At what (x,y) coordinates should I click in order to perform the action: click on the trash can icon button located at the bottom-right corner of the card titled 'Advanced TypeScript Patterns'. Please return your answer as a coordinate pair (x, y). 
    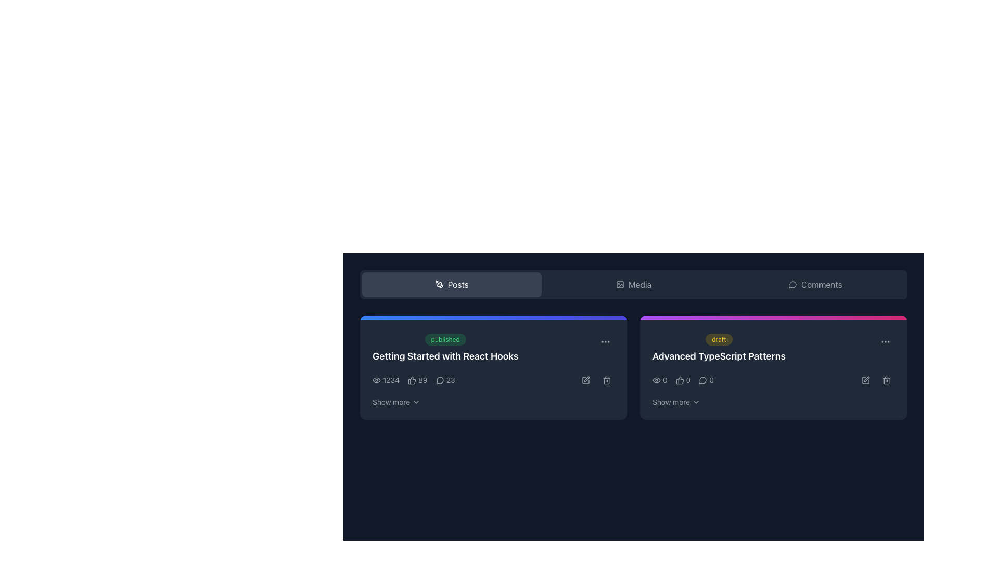
    Looking at the image, I should click on (886, 380).